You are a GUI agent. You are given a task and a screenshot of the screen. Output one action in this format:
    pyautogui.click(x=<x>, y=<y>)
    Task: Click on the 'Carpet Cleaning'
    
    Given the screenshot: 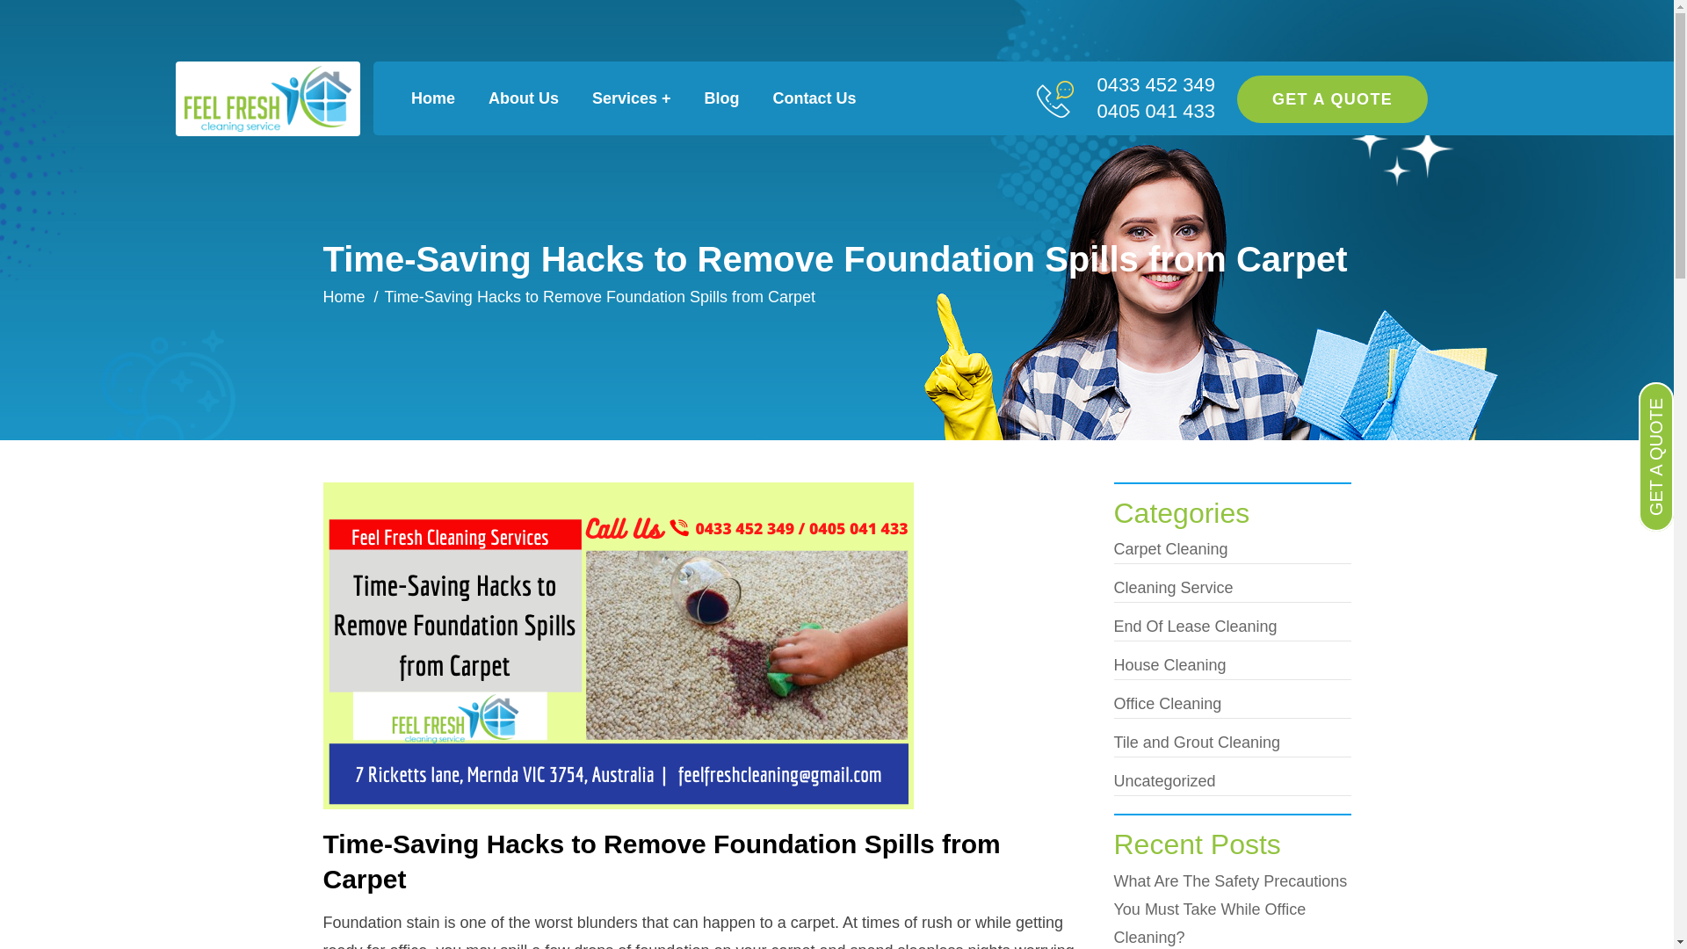 What is the action you would take?
    pyautogui.click(x=1231, y=548)
    